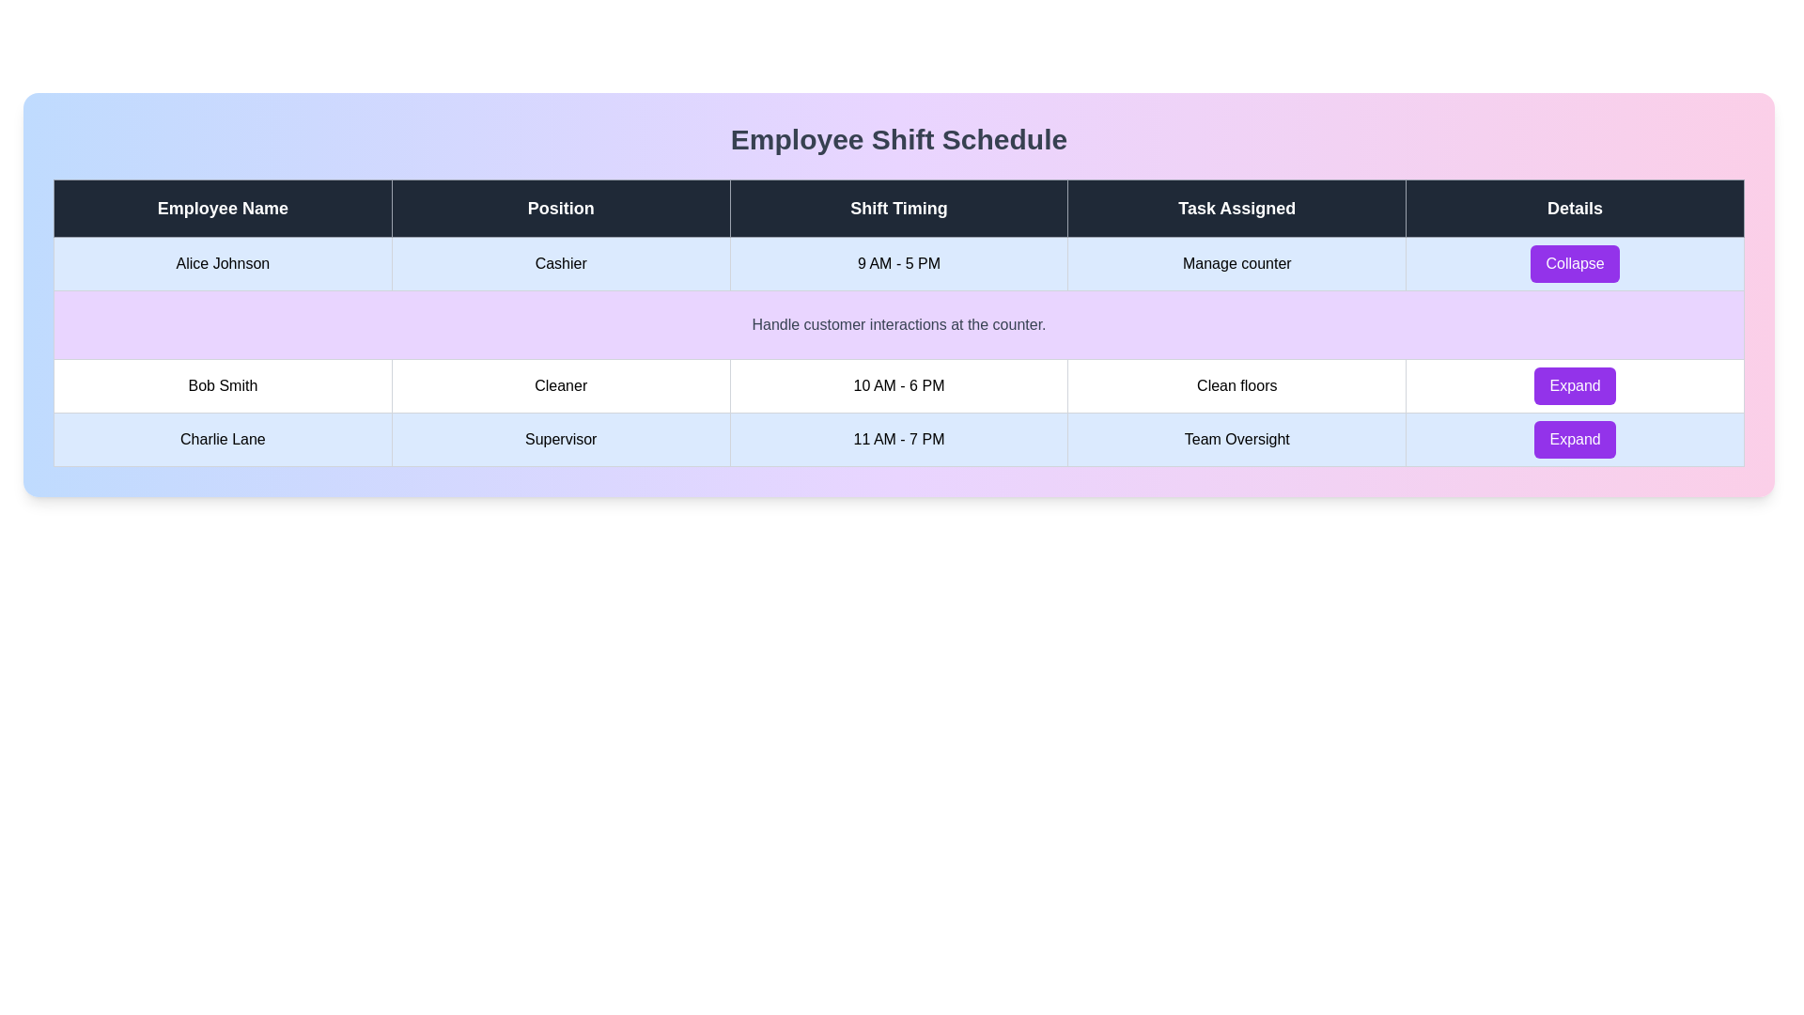  I want to click on the rightmost header label of the table that indicates details or actions related to the table's rows, located in the header row at the top-right corner of the visible table layout, so click(1575, 209).